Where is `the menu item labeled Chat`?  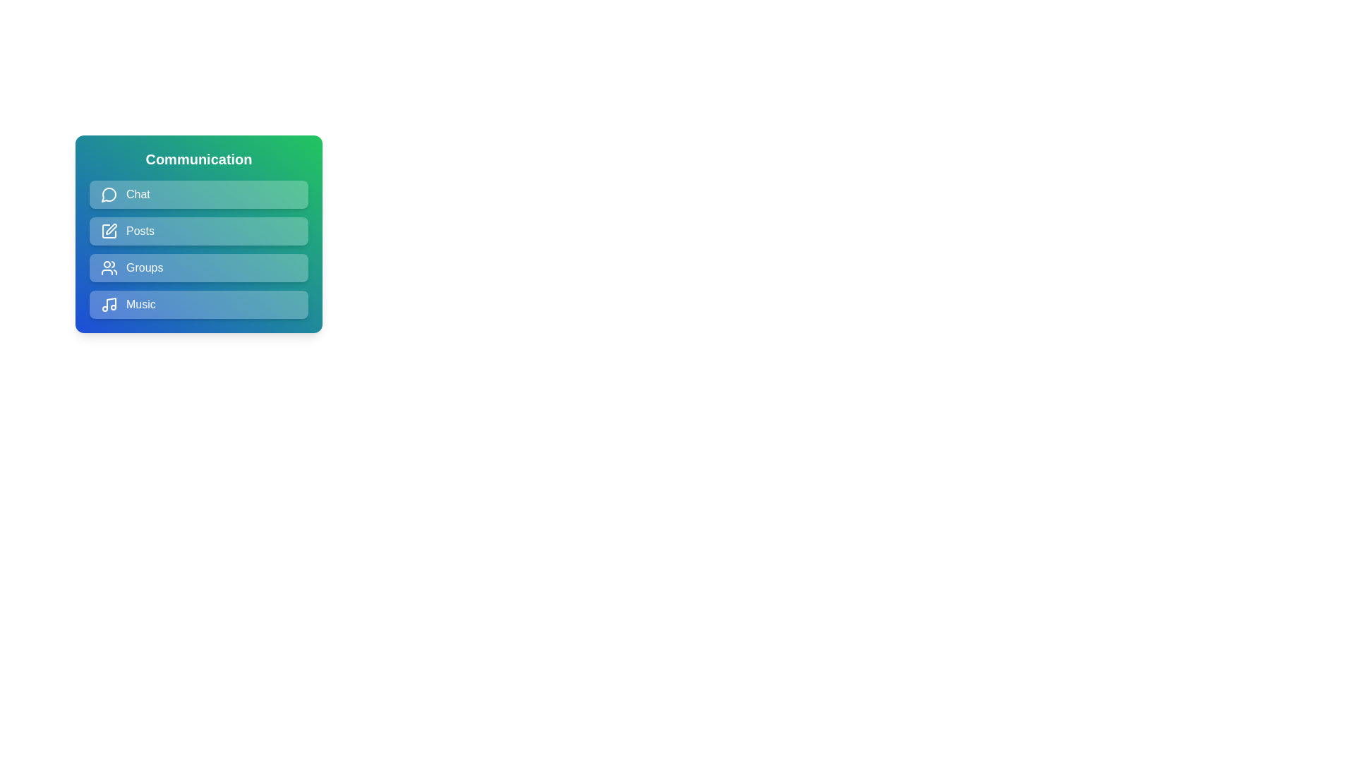 the menu item labeled Chat is located at coordinates (198, 195).